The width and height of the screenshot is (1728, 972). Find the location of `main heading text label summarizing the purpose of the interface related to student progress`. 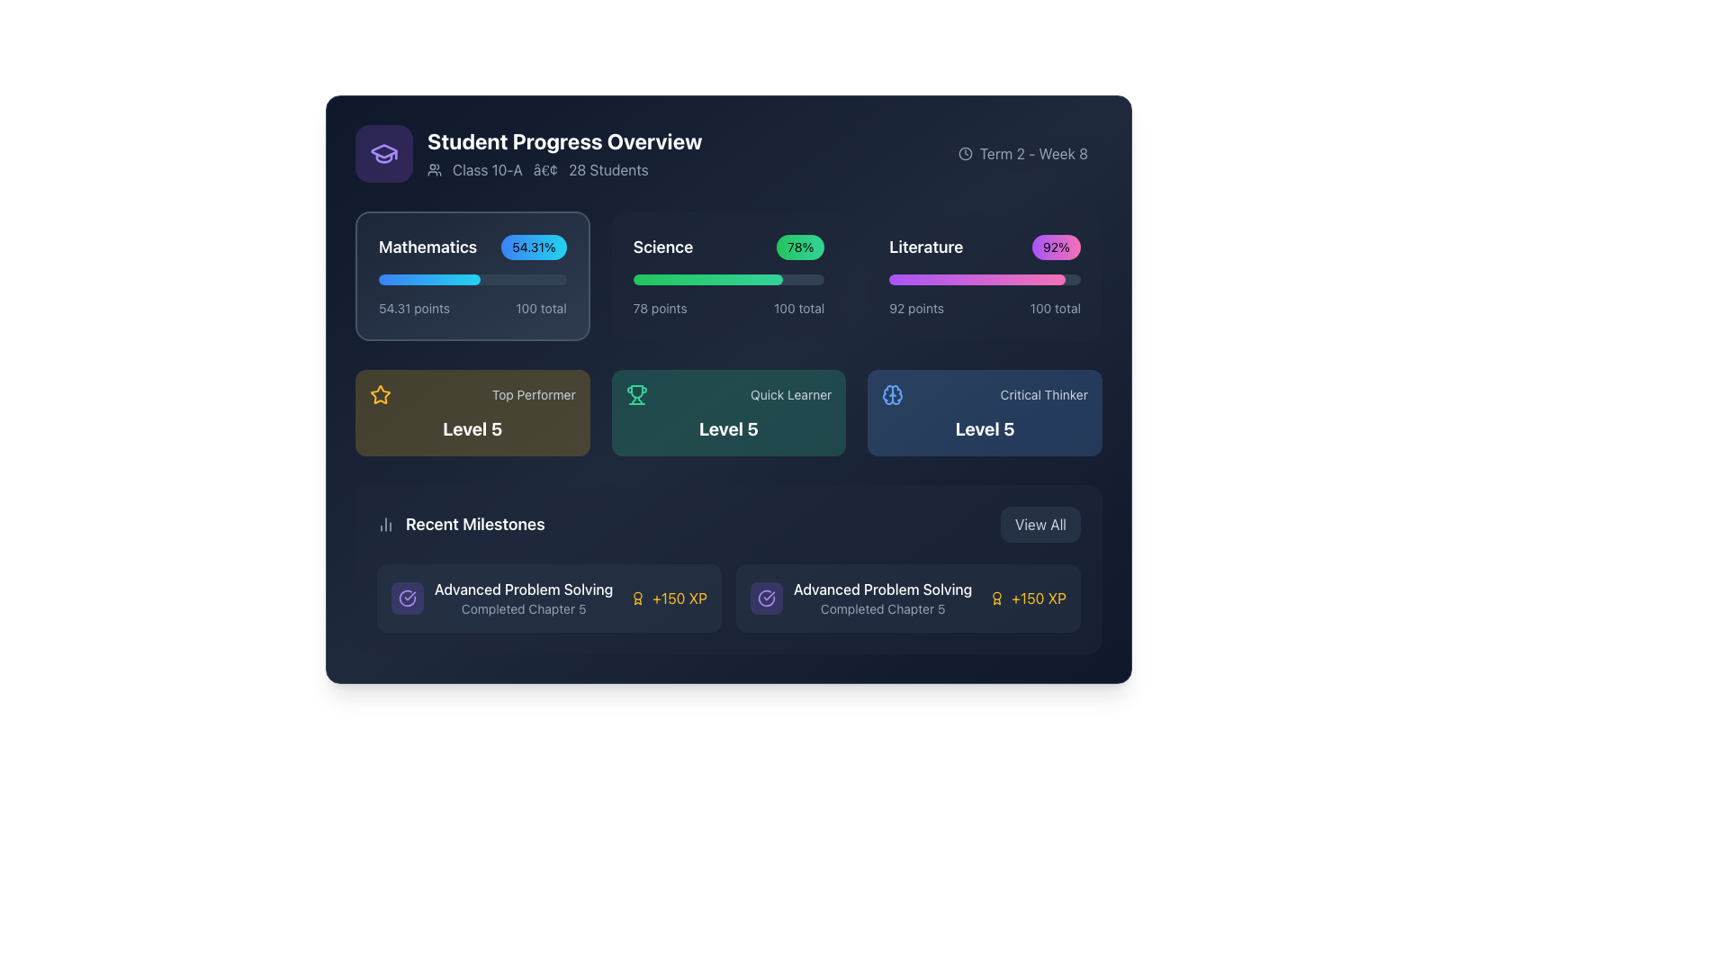

main heading text label summarizing the purpose of the interface related to student progress is located at coordinates (563, 140).